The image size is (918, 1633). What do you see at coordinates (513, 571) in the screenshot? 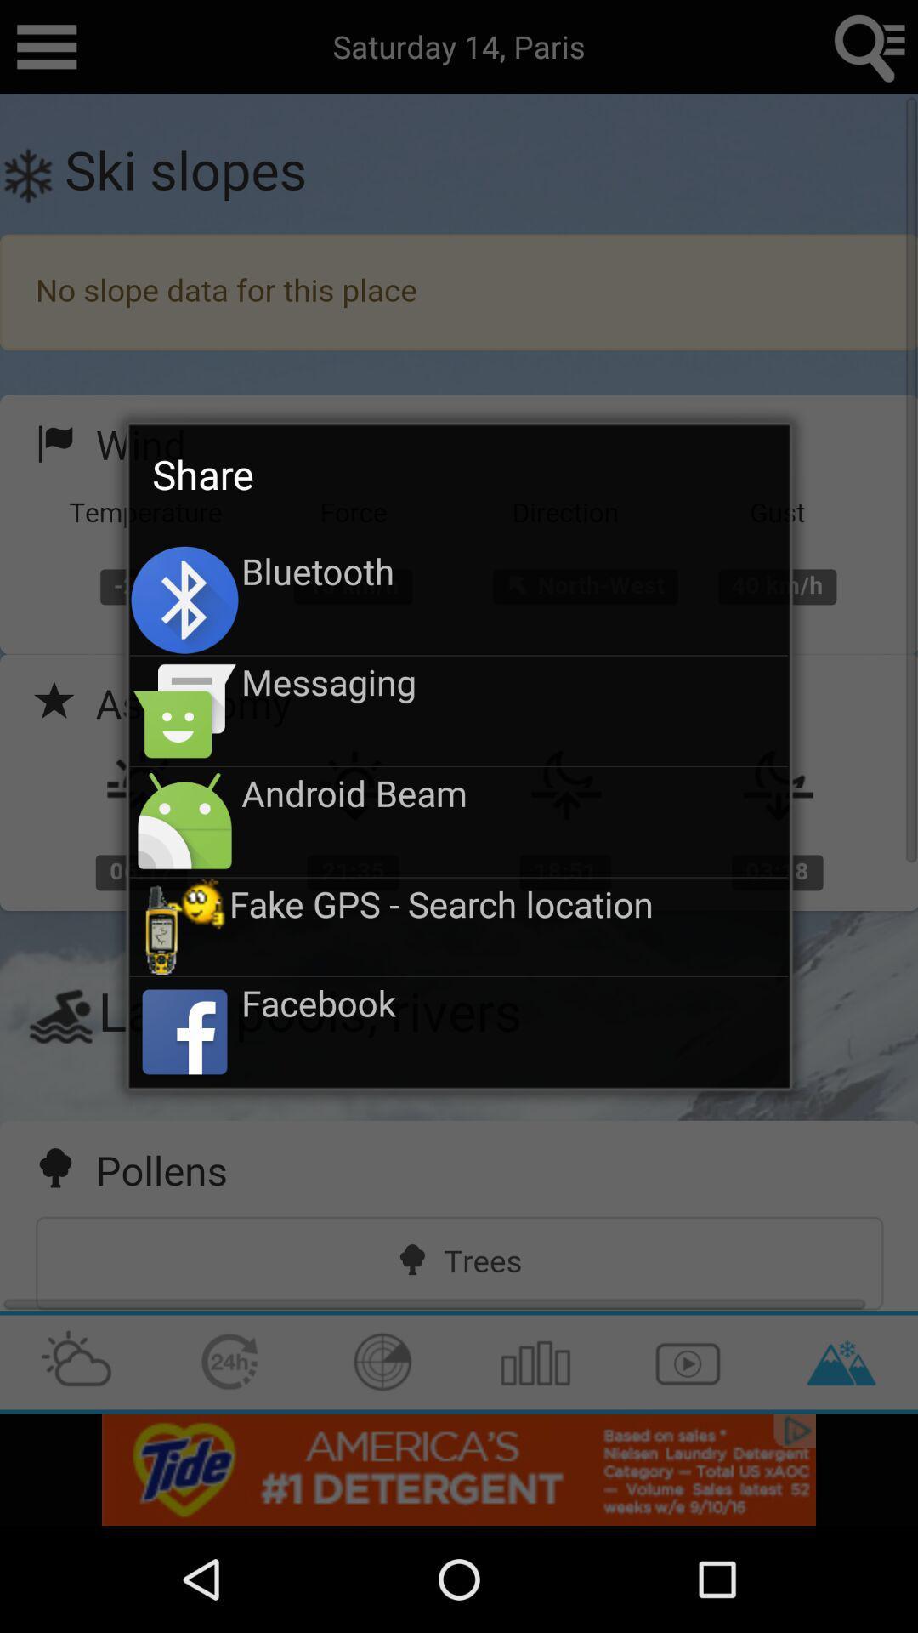
I see `the icon below share` at bounding box center [513, 571].